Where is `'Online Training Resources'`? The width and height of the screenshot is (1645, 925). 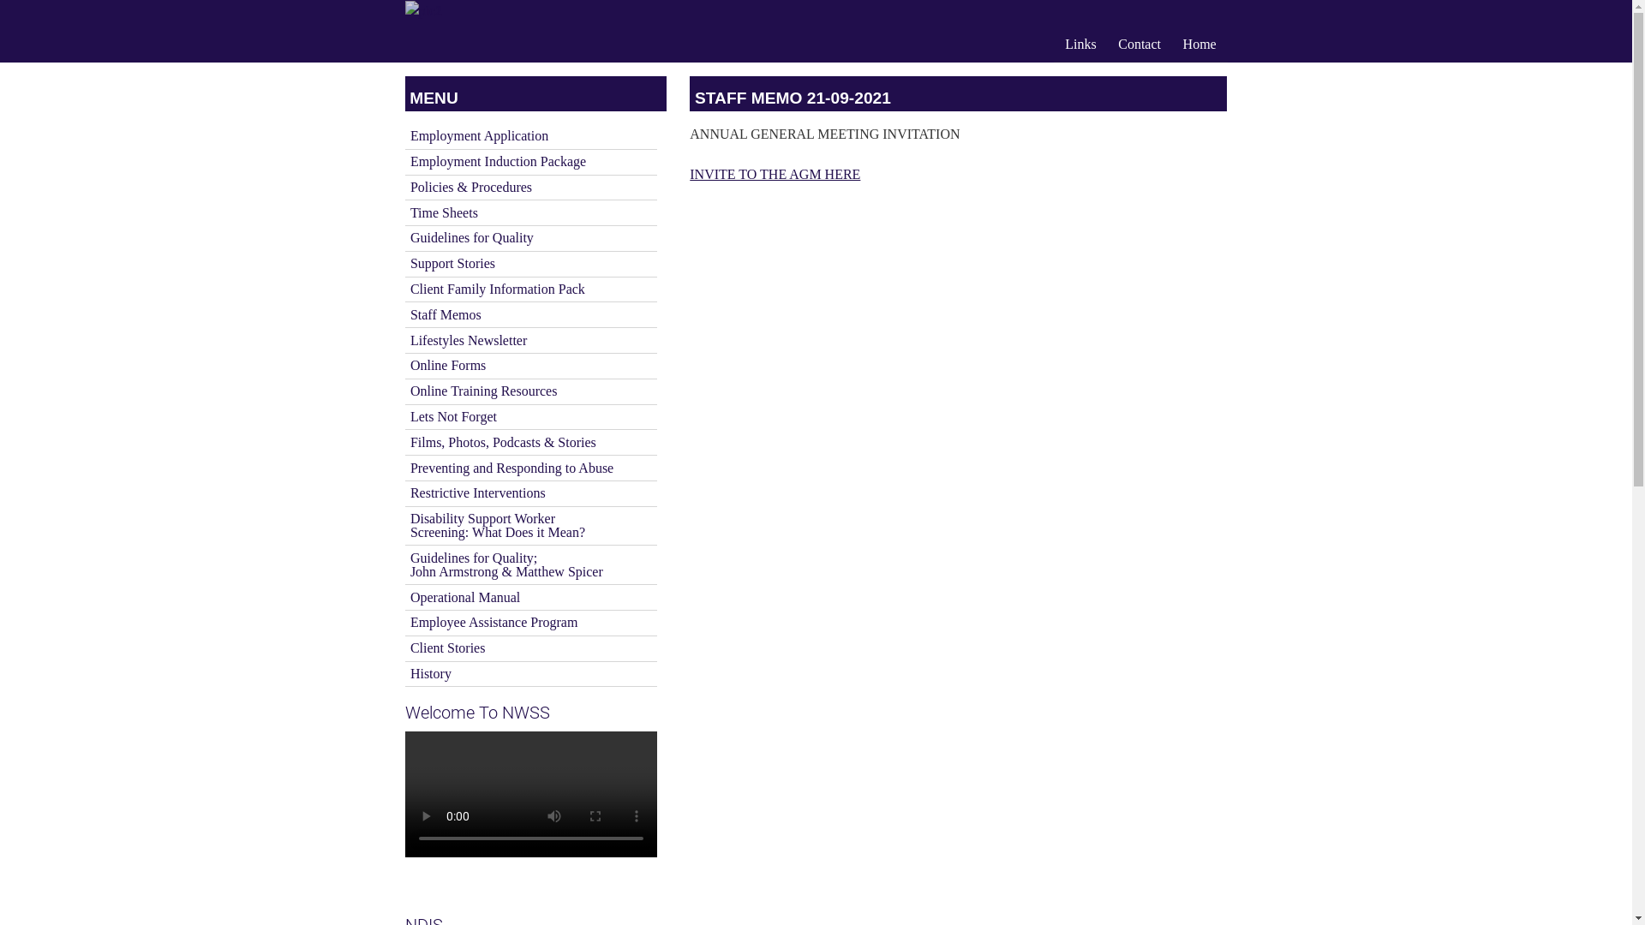 'Online Training Resources' is located at coordinates (529, 391).